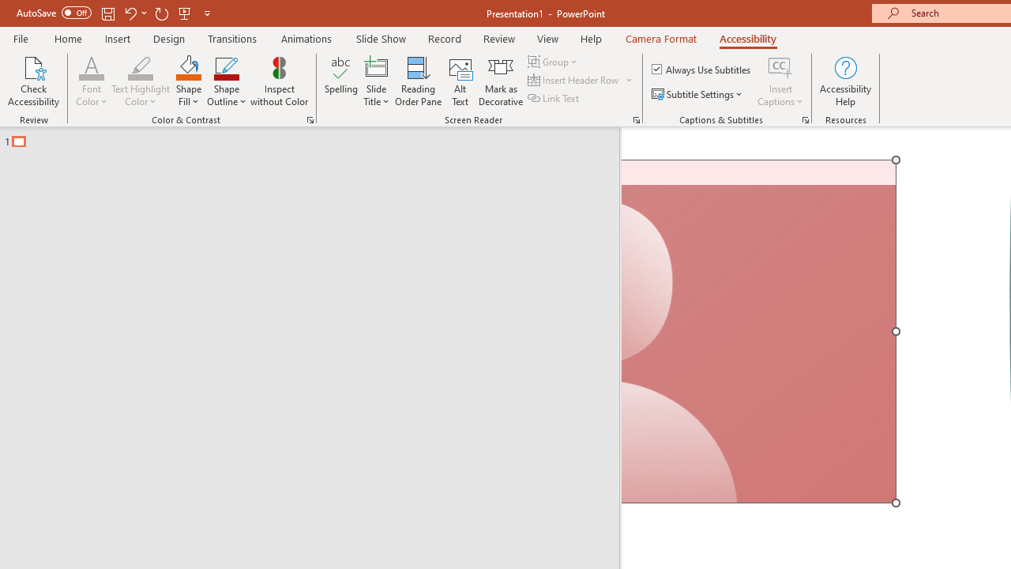 The width and height of the screenshot is (1011, 569). What do you see at coordinates (844, 81) in the screenshot?
I see `'Accessibility Help'` at bounding box center [844, 81].